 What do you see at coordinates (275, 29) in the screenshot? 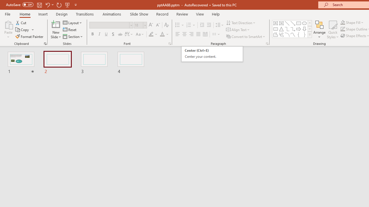
I see `'Rectangle: Rounded Corners'` at bounding box center [275, 29].